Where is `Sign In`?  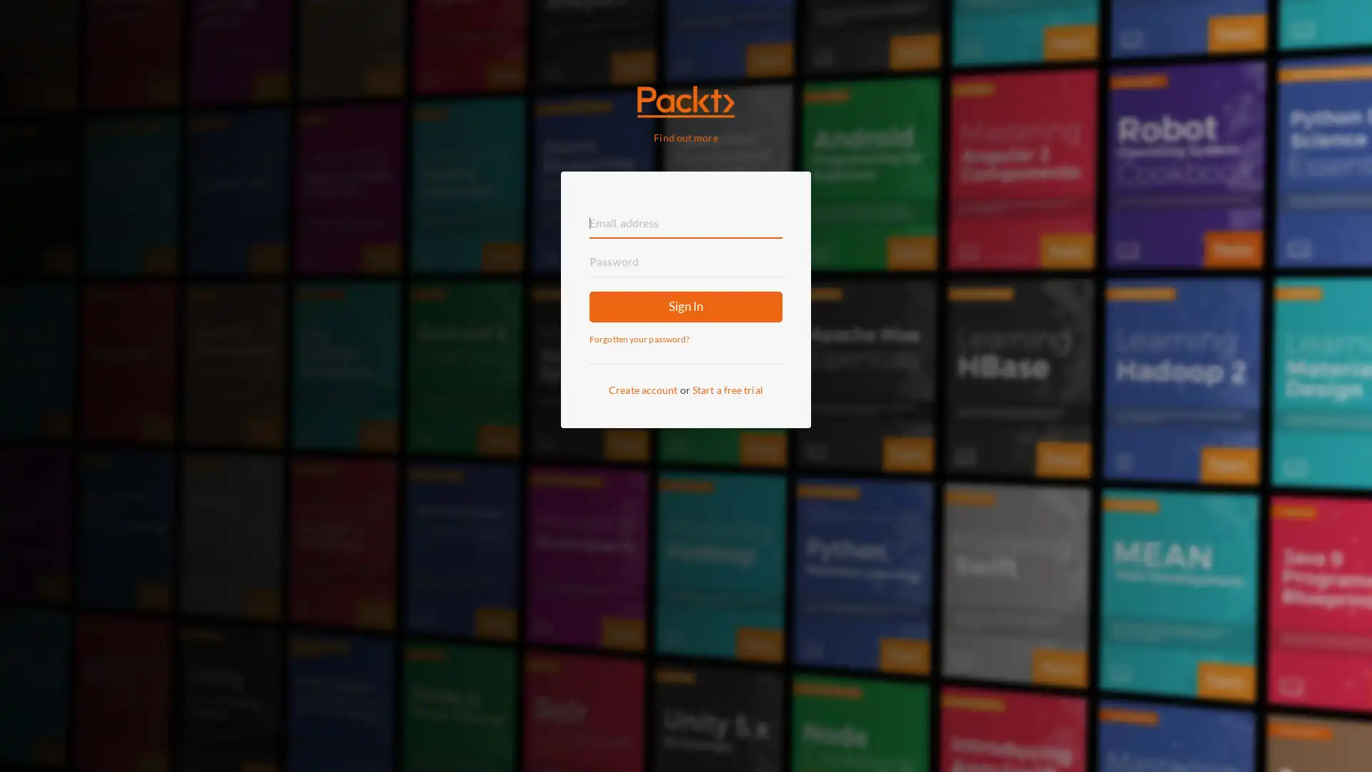
Sign In is located at coordinates (686, 305).